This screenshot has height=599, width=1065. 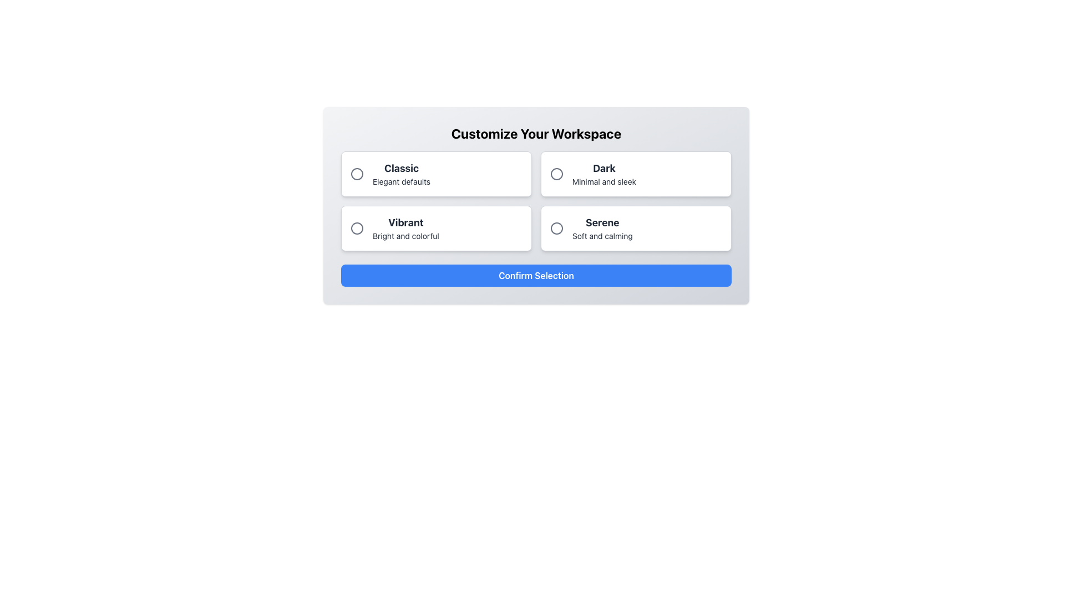 What do you see at coordinates (405, 235) in the screenshot?
I see `the descriptive text reading 'Bright and colorful', which is positioned directly below the heading 'Vibrant' in a grid layout` at bounding box center [405, 235].